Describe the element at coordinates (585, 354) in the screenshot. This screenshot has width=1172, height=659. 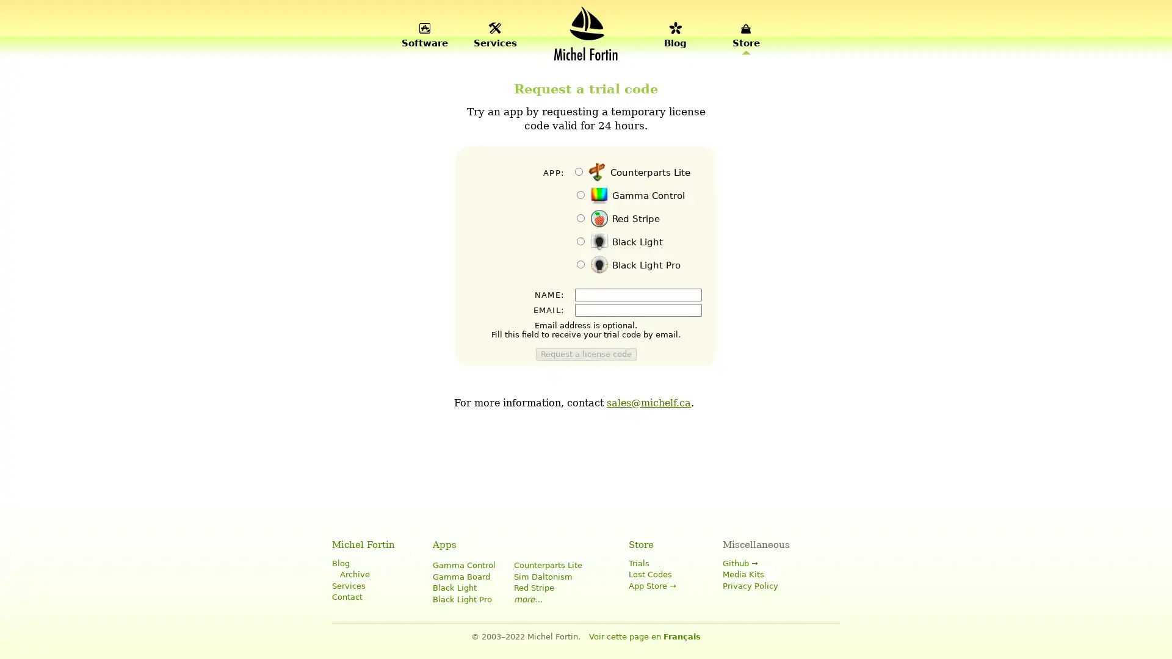
I see `Request a license code` at that location.